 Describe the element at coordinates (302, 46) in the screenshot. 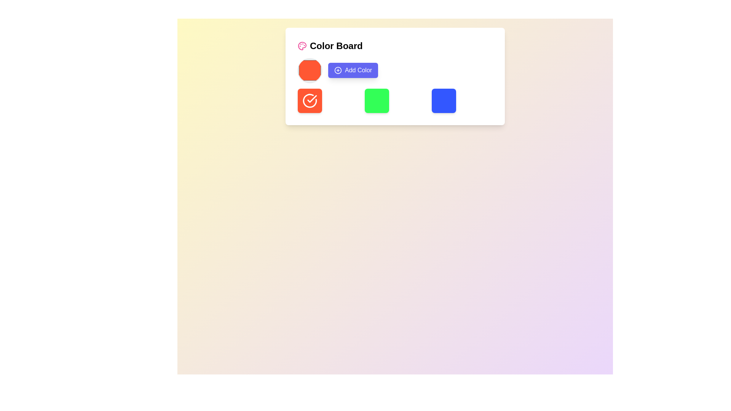

I see `the painter's palette icon with a pink outline and colorful accent dots, located in the Color Board group` at that location.